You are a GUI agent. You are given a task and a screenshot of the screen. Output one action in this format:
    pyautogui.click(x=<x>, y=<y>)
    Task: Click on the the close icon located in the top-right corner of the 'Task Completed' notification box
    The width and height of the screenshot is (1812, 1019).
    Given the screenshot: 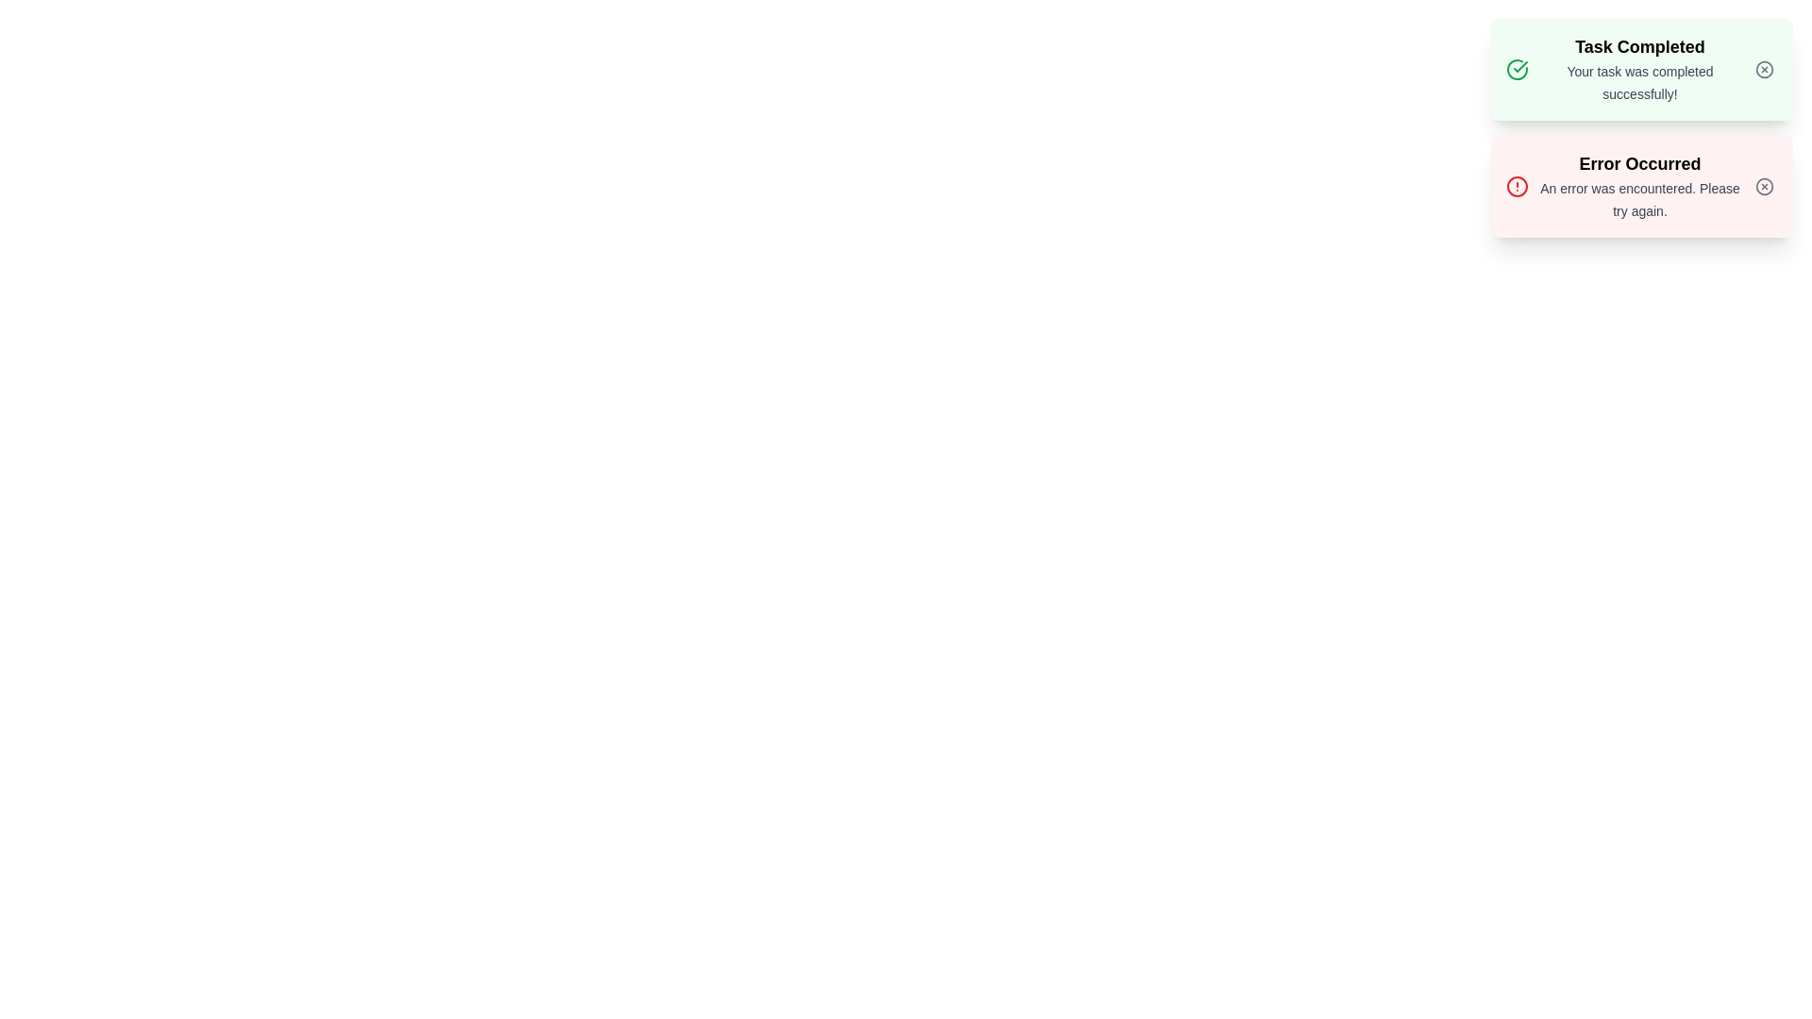 What is the action you would take?
    pyautogui.click(x=1764, y=68)
    